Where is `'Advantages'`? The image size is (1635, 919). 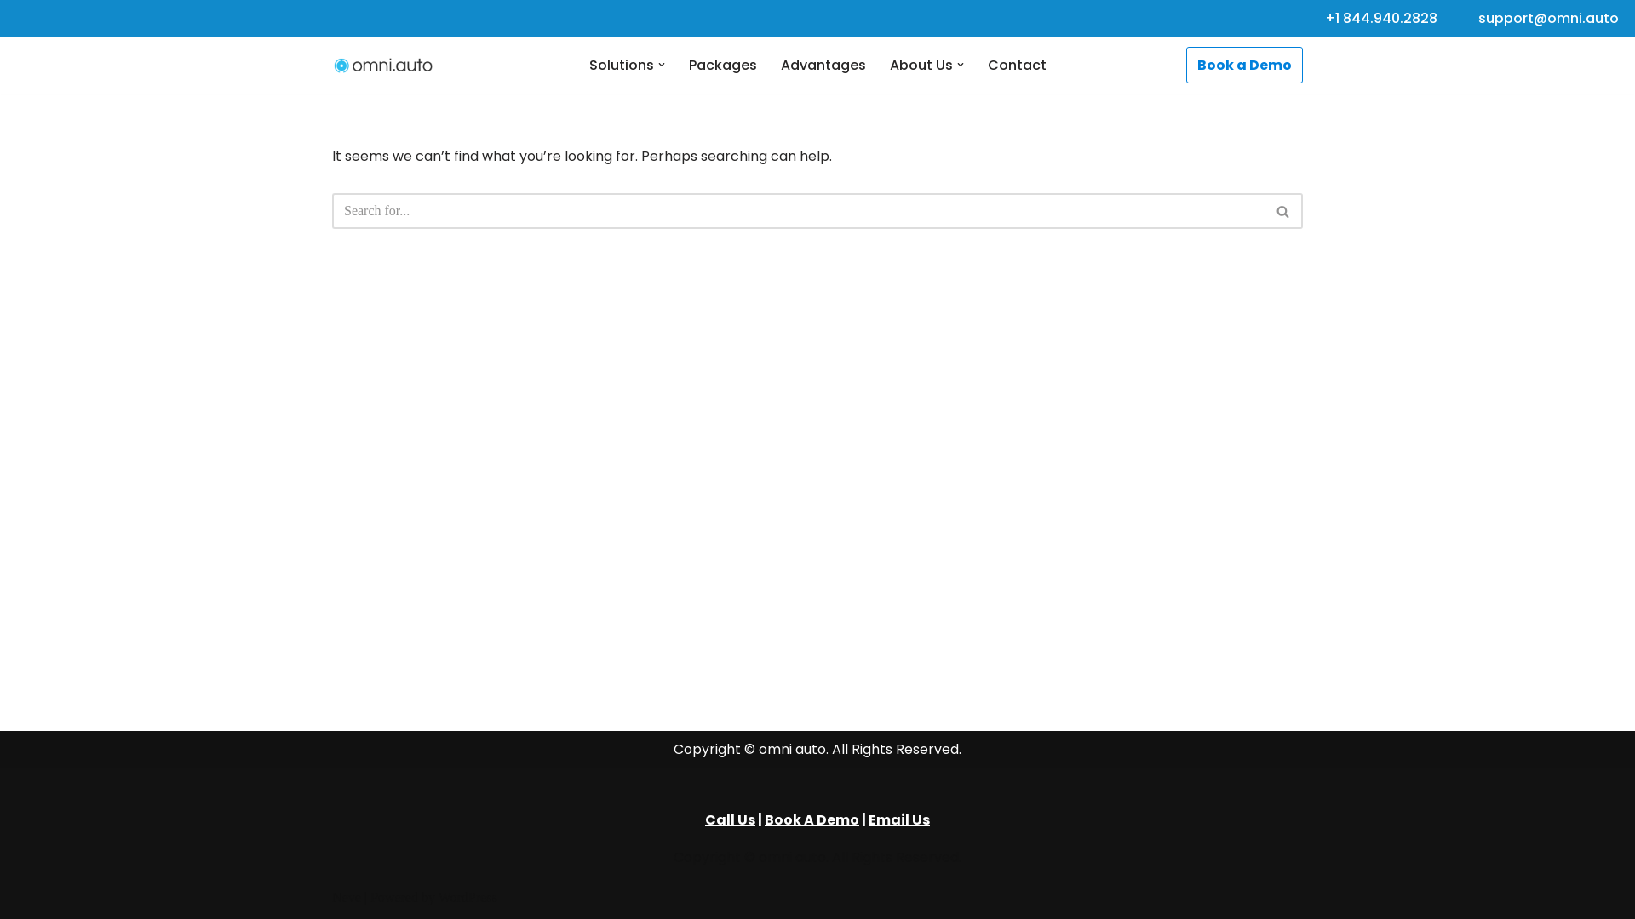
'Advantages' is located at coordinates (779, 64).